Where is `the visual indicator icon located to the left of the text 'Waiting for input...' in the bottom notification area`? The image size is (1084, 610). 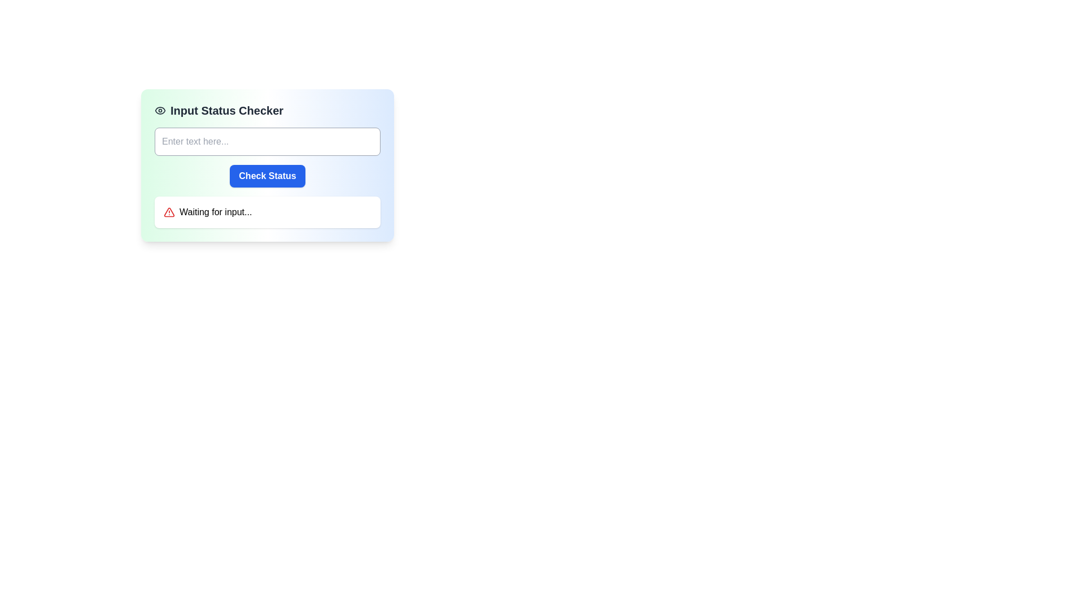
the visual indicator icon located to the left of the text 'Waiting for input...' in the bottom notification area is located at coordinates (168, 212).